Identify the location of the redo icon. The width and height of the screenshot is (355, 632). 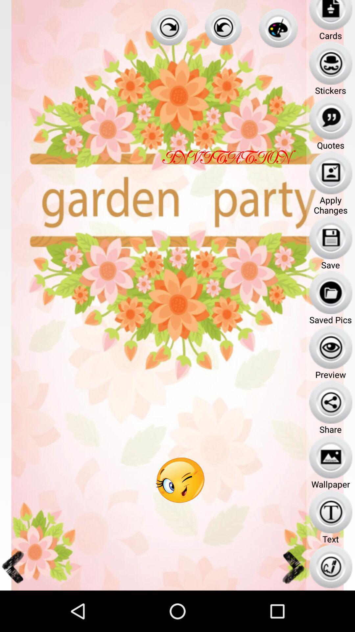
(169, 28).